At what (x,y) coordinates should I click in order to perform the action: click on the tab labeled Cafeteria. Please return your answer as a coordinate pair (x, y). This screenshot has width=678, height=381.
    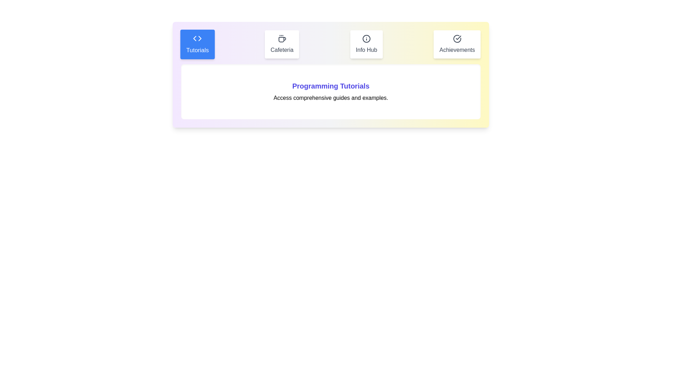
    Looking at the image, I should click on (281, 44).